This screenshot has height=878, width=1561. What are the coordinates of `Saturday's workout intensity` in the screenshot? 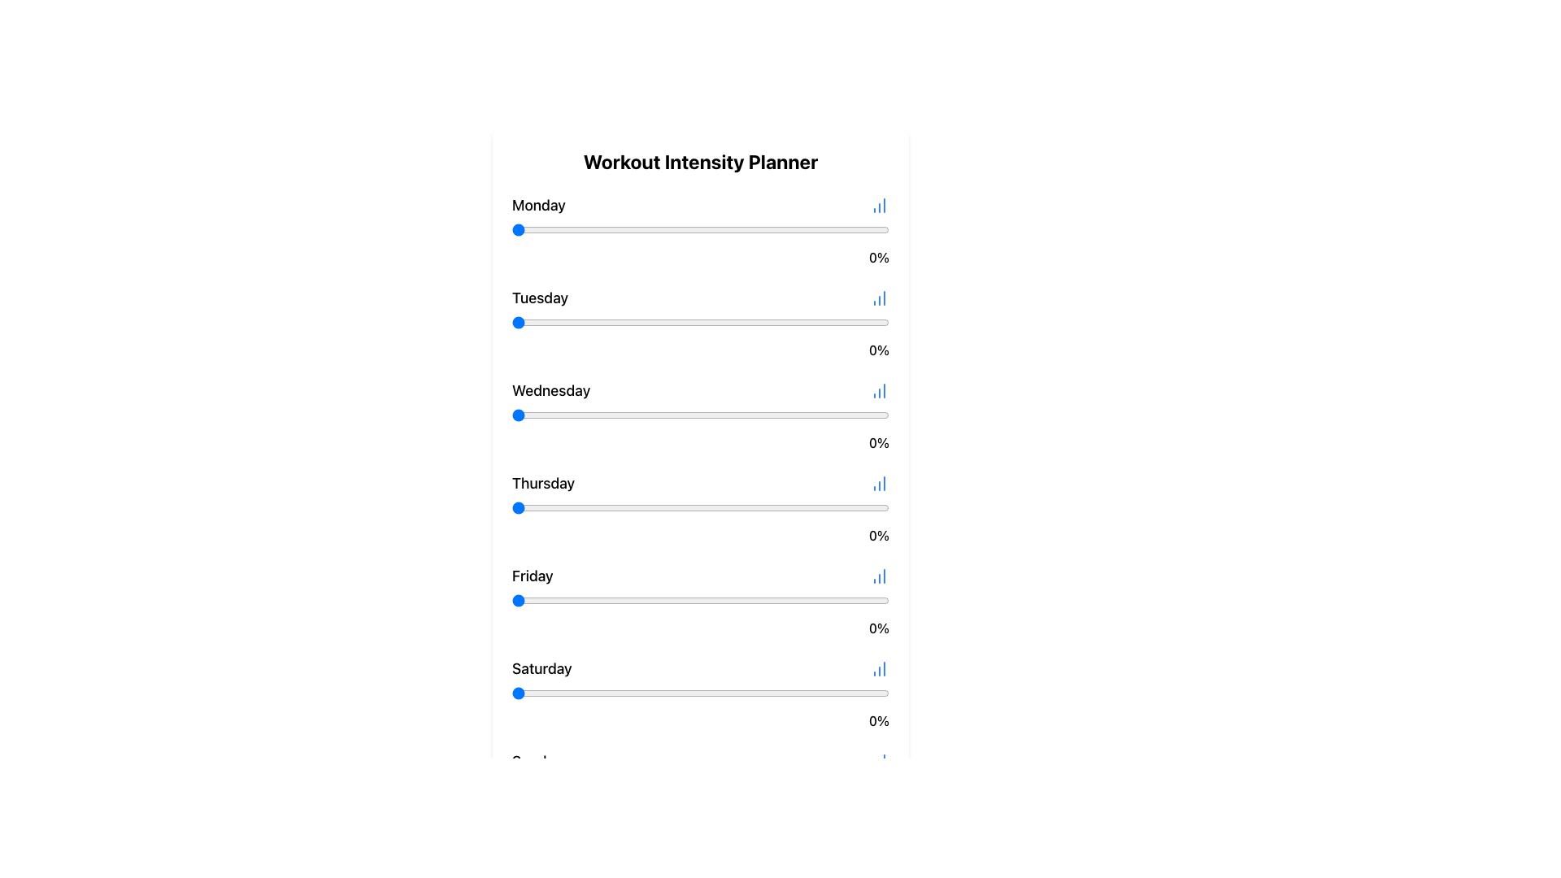 It's located at (685, 693).